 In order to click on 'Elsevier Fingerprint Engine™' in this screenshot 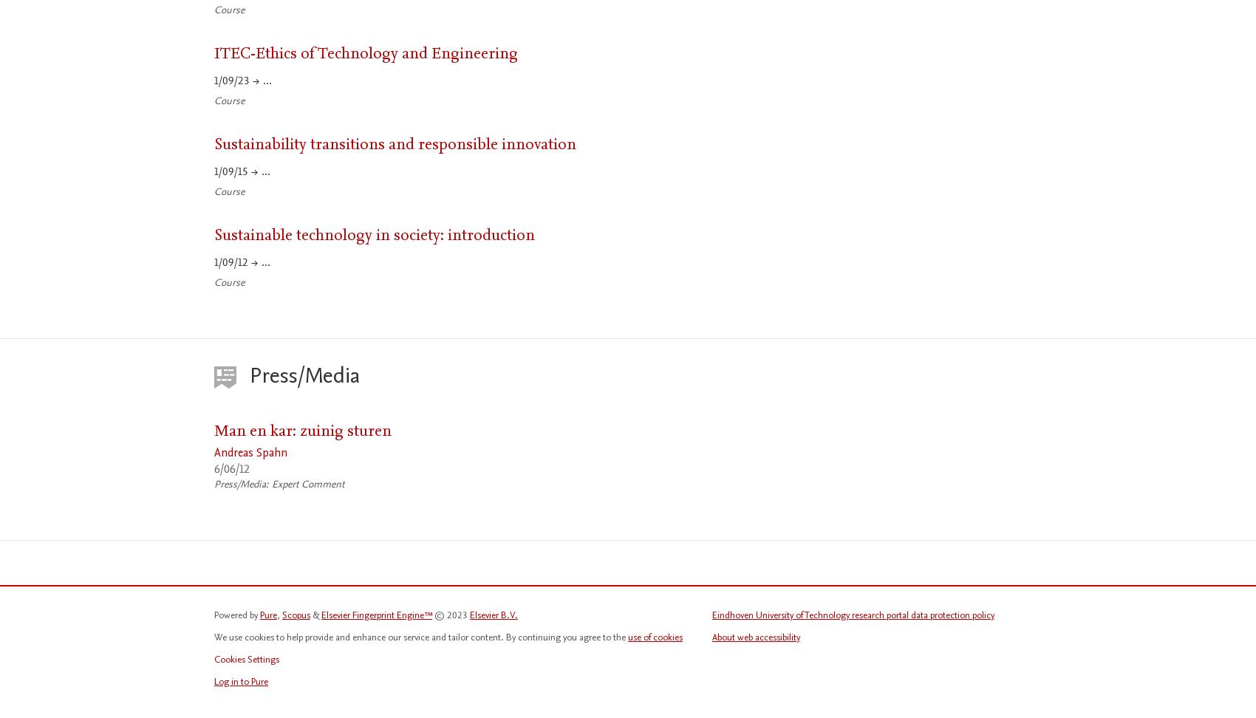, I will do `click(377, 614)`.